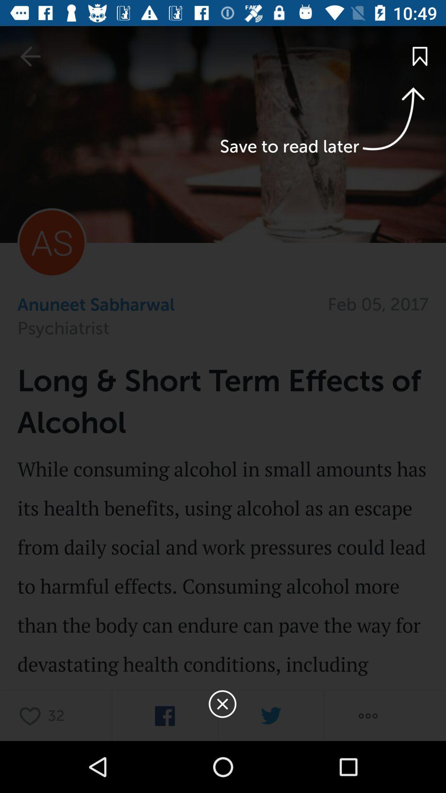  Describe the element at coordinates (32, 715) in the screenshot. I see `to favorites` at that location.